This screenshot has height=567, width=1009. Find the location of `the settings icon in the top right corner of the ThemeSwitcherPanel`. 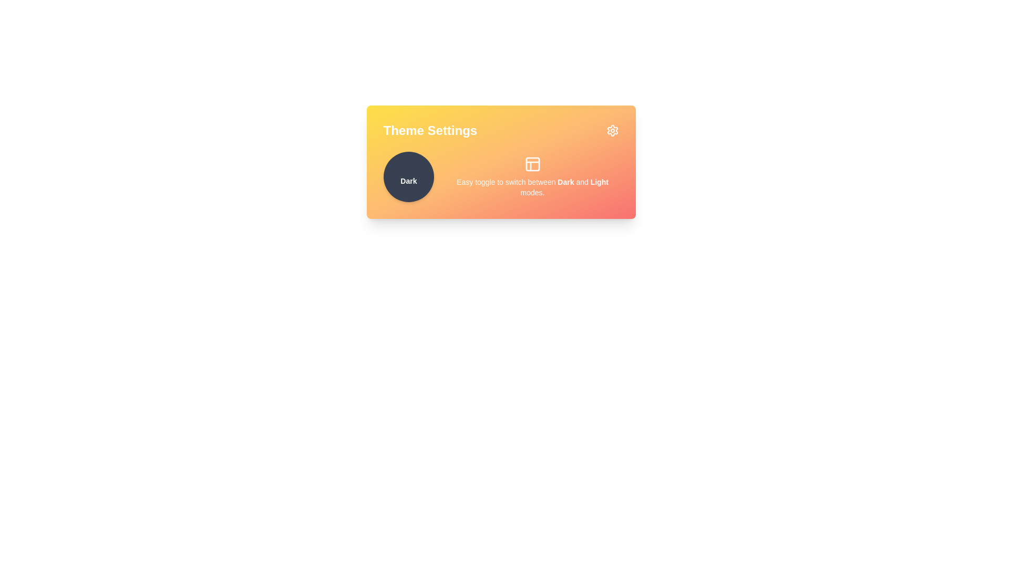

the settings icon in the top right corner of the ThemeSwitcherPanel is located at coordinates (612, 130).